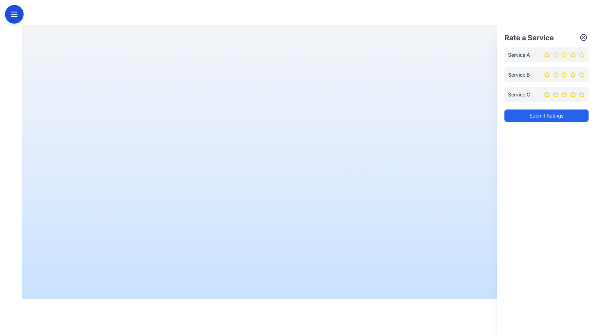 Image resolution: width=596 pixels, height=335 pixels. What do you see at coordinates (547, 74) in the screenshot?
I see `the first star in the second service rating row under the 'Rate a Service' section to assign a rating` at bounding box center [547, 74].